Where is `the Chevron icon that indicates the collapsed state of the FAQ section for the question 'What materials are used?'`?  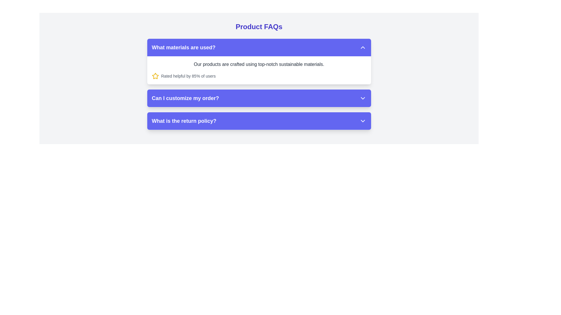 the Chevron icon that indicates the collapsed state of the FAQ section for the question 'What materials are used?' is located at coordinates (362, 47).